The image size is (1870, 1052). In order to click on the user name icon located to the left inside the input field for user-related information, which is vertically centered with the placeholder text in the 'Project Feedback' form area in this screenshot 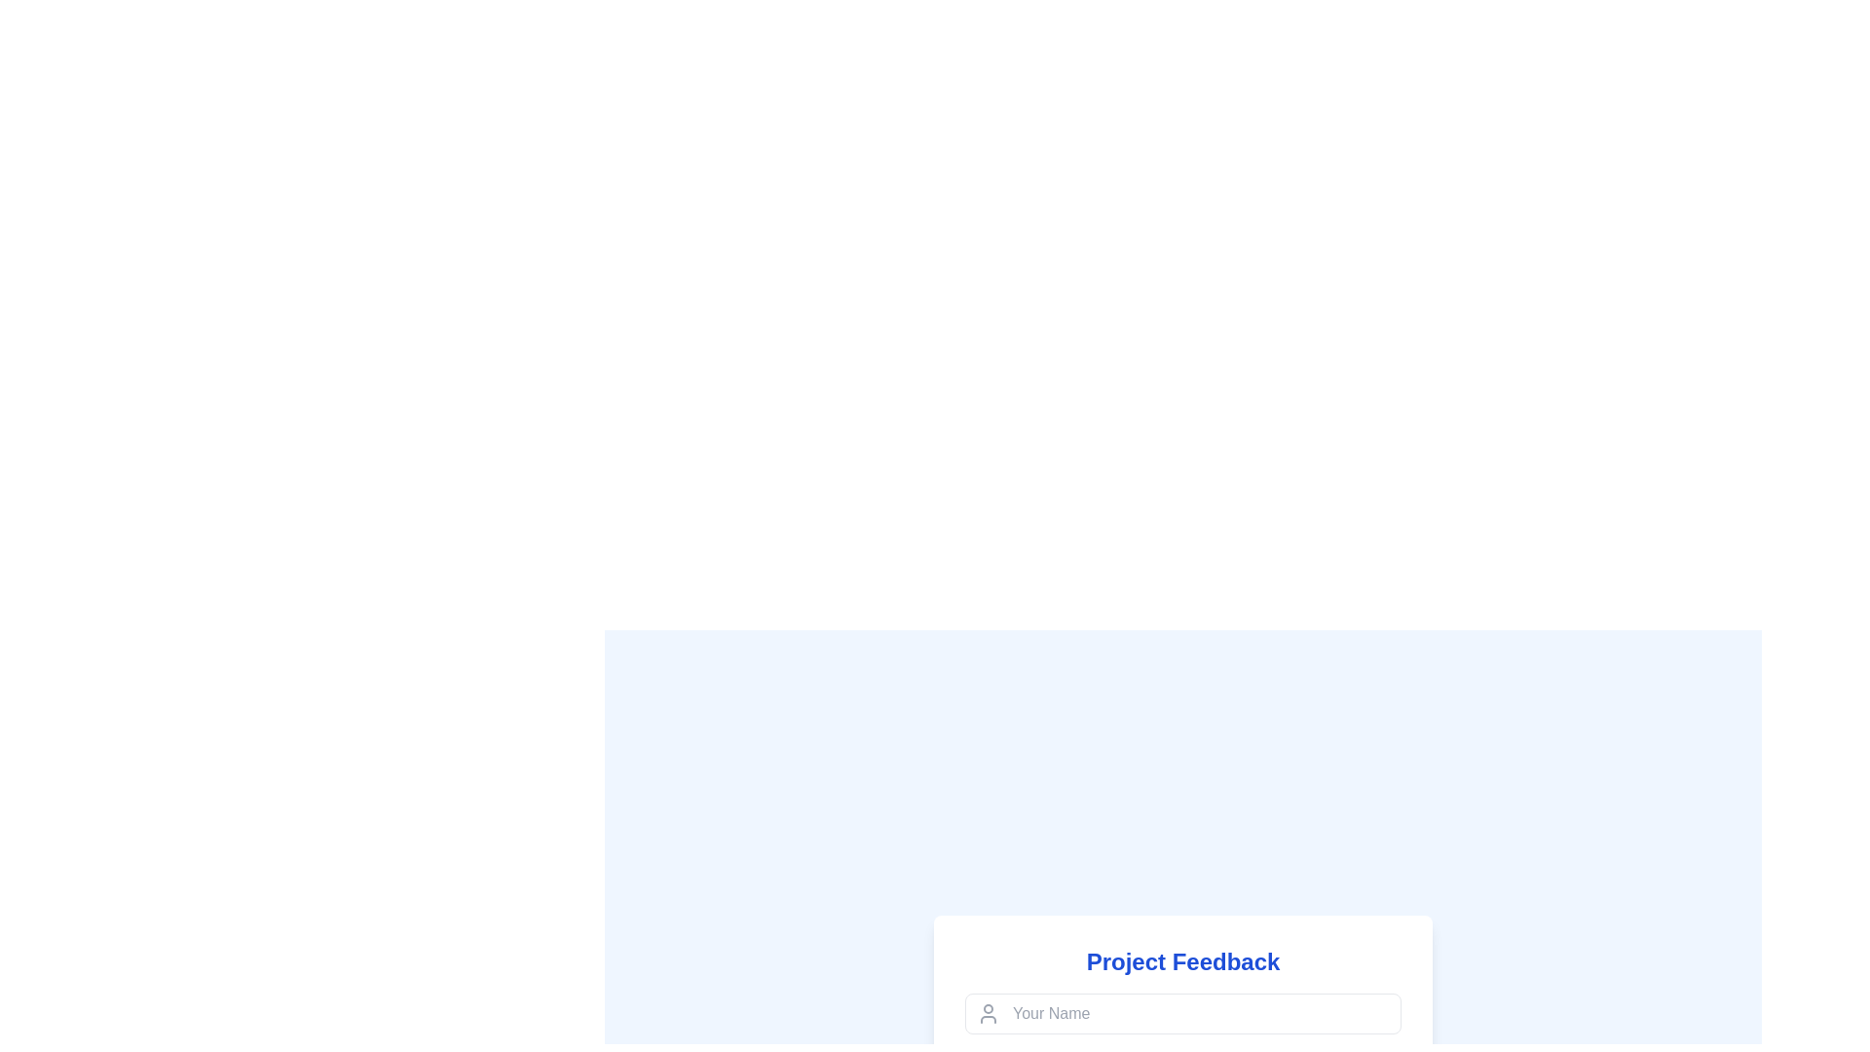, I will do `click(988, 1012)`.